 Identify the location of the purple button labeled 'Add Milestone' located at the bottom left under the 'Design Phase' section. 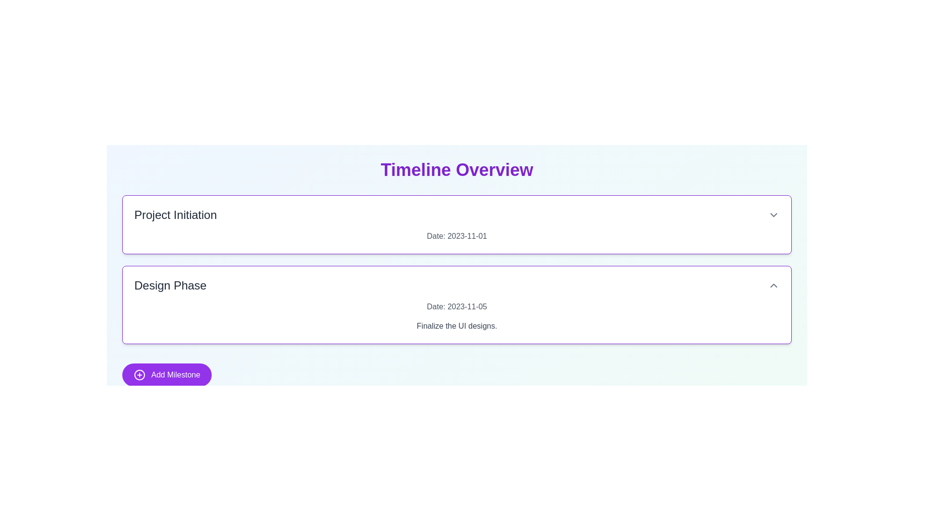
(167, 374).